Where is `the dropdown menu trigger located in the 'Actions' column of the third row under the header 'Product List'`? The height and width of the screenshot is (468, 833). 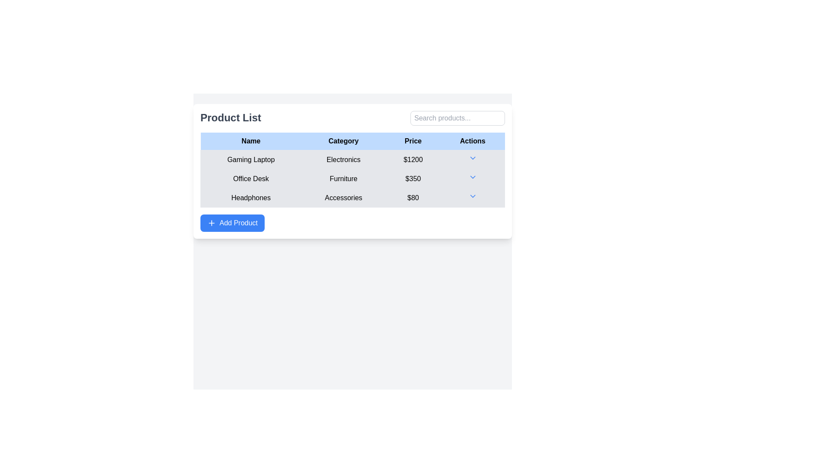
the dropdown menu trigger located in the 'Actions' column of the third row under the header 'Product List' is located at coordinates (472, 198).